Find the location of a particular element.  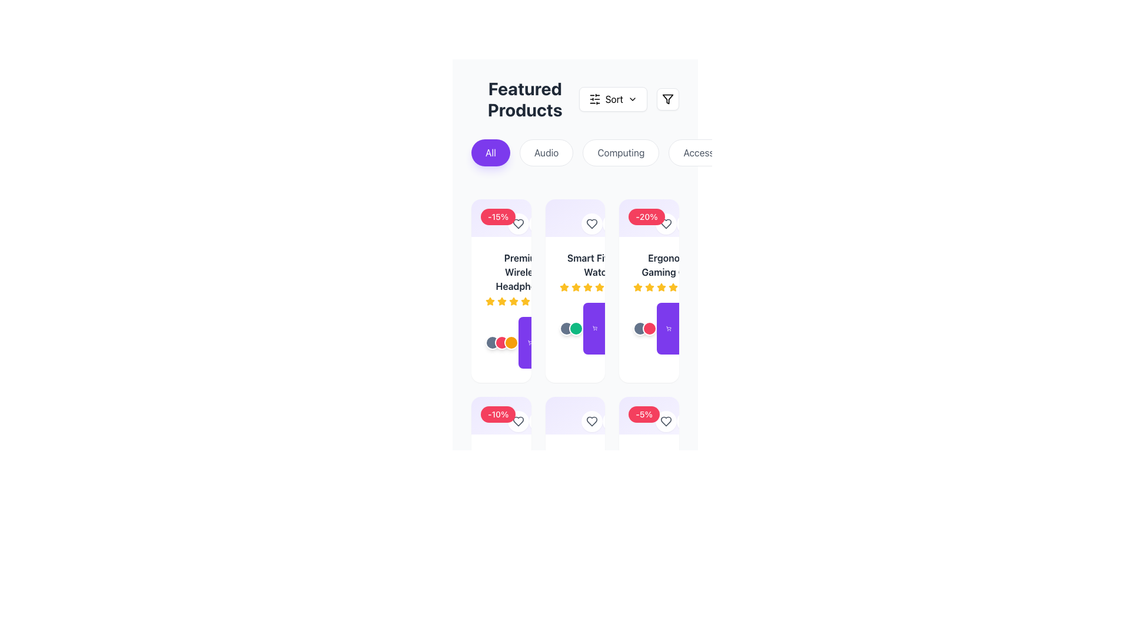

the heart-shaped favorite button located at the top-center of the product card is located at coordinates (518, 224).